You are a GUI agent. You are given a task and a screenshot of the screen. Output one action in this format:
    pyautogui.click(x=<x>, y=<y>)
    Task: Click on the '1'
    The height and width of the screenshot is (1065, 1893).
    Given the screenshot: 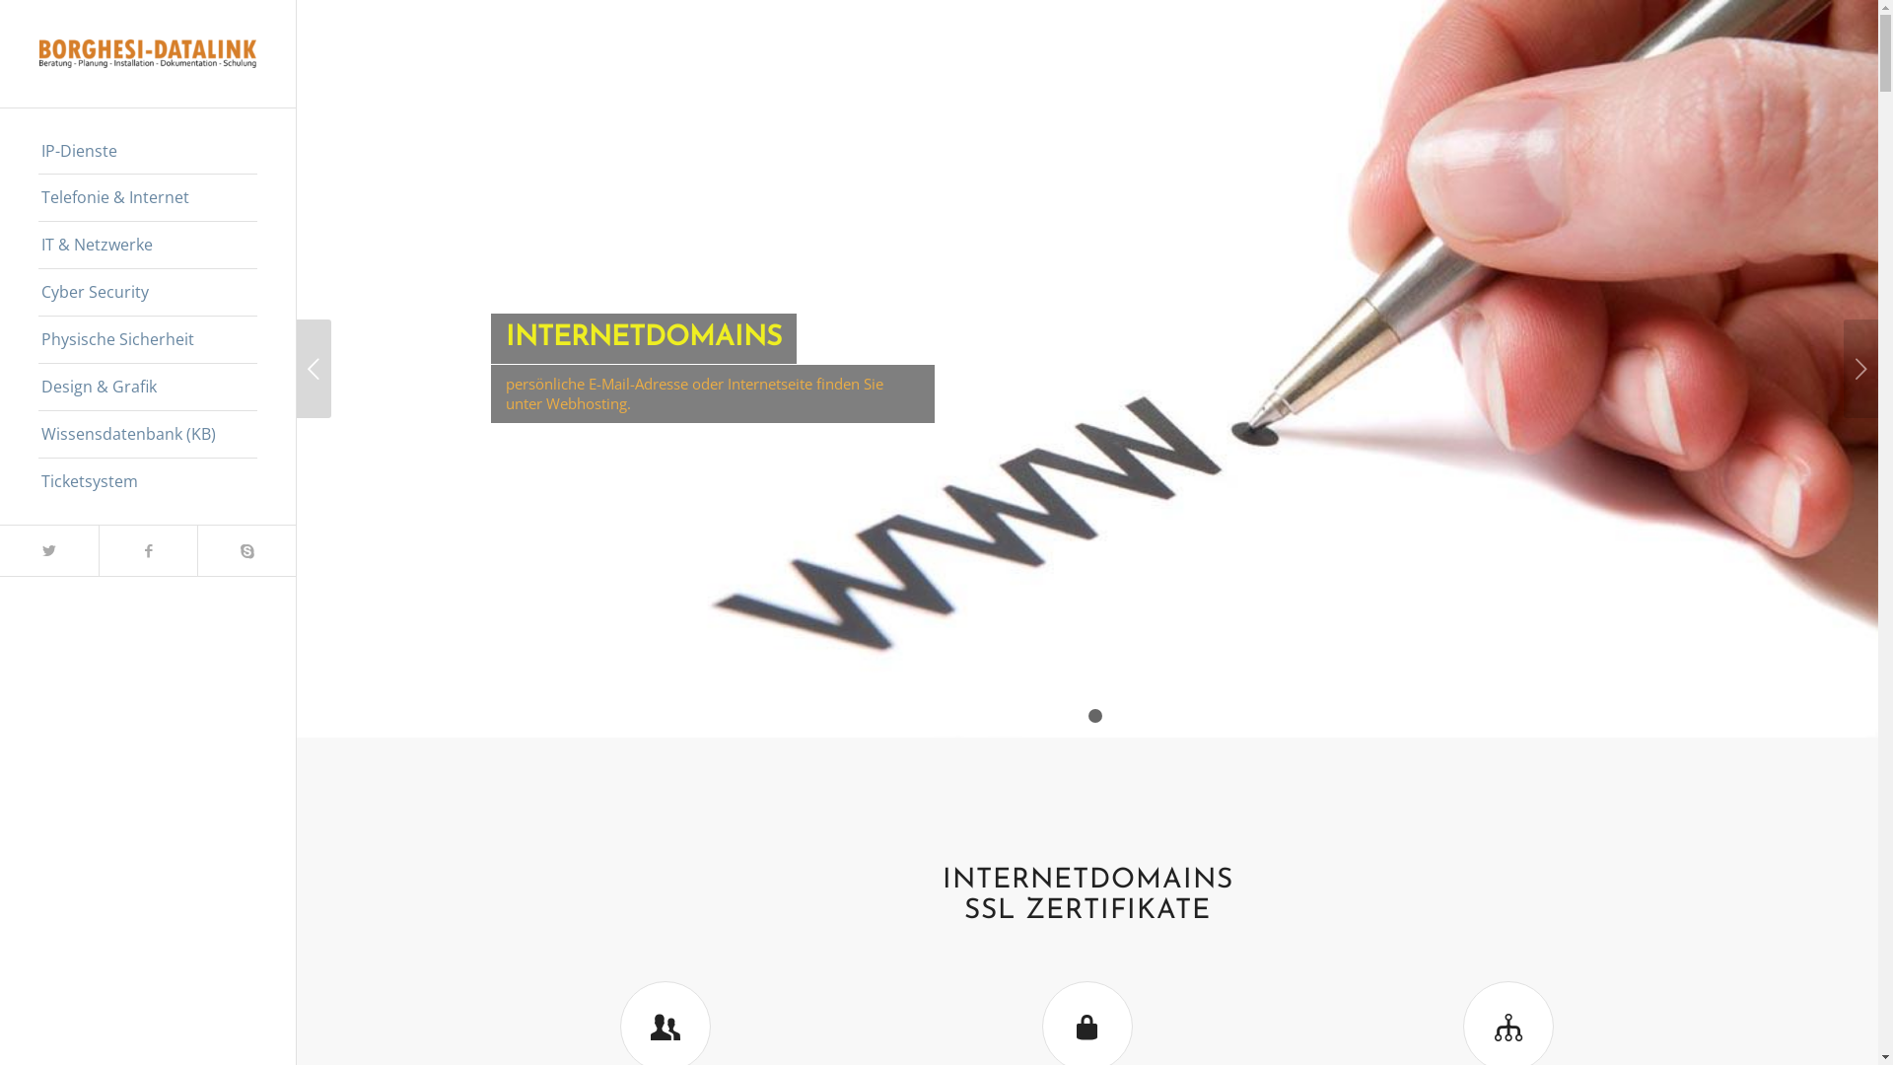 What is the action you would take?
    pyautogui.click(x=1078, y=715)
    